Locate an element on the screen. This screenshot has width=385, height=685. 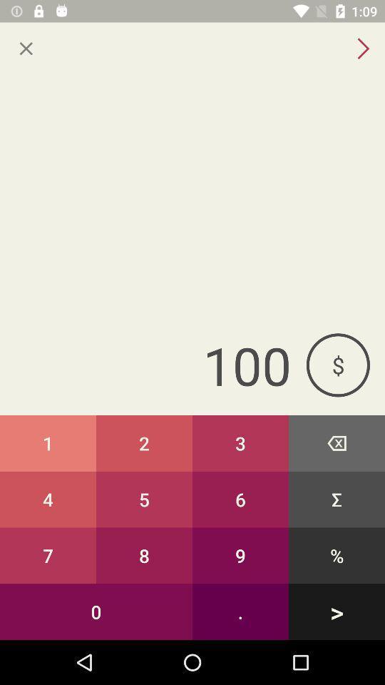
the icon below the 2 icon is located at coordinates (240, 499).